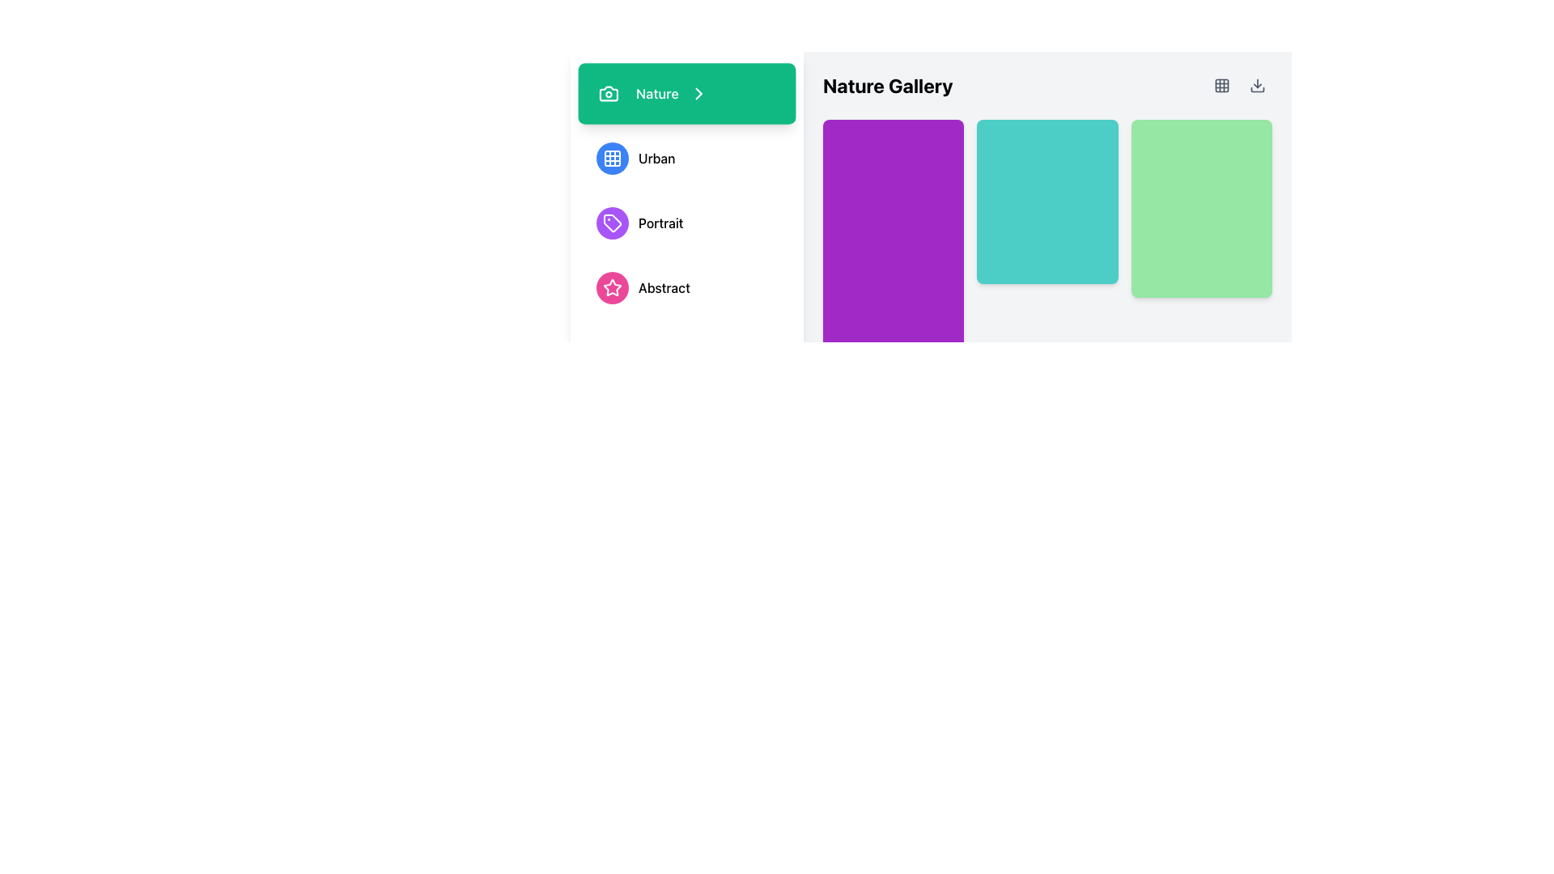 Image resolution: width=1554 pixels, height=874 pixels. Describe the element at coordinates (612, 286) in the screenshot. I see `the pink circular icon button representing the 'Abstract' category located at the bottom of the sidebar` at that location.